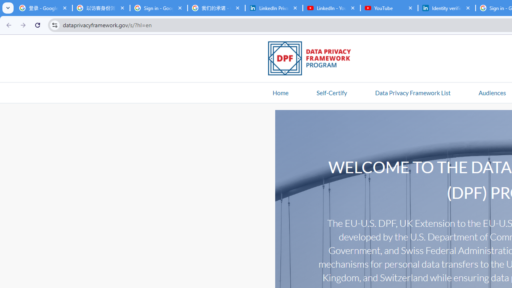 The image size is (512, 288). What do you see at coordinates (331, 8) in the screenshot?
I see `'LinkedIn - YouTube'` at bounding box center [331, 8].